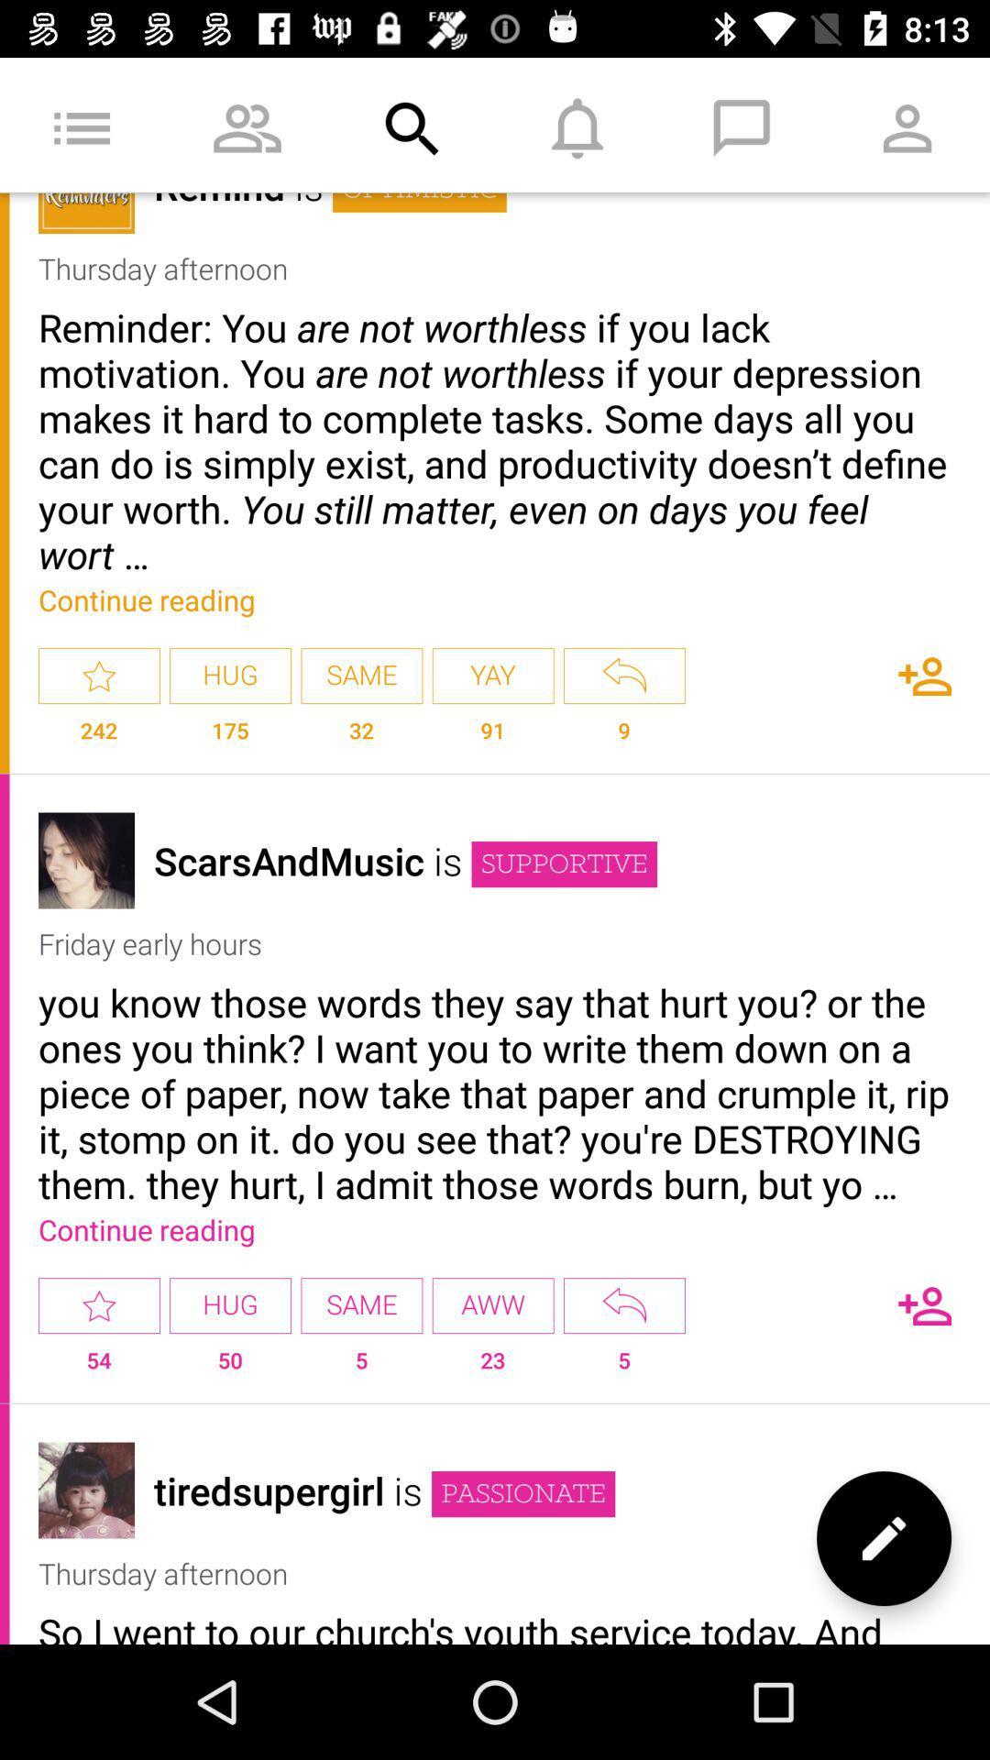 The height and width of the screenshot is (1760, 990). Describe the element at coordinates (99, 675) in the screenshot. I see `the icon above the 242` at that location.